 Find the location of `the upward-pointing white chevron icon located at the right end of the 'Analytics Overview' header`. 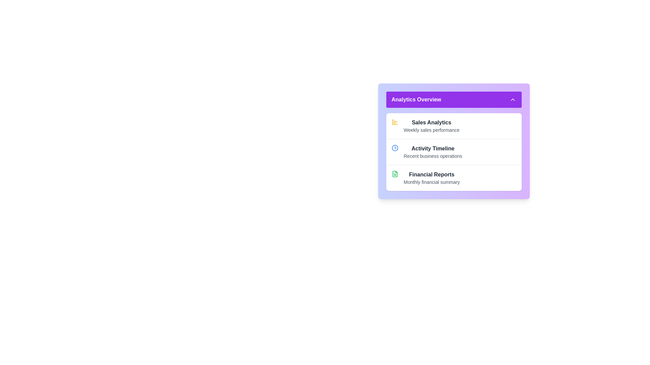

the upward-pointing white chevron icon located at the right end of the 'Analytics Overview' header is located at coordinates (513, 99).